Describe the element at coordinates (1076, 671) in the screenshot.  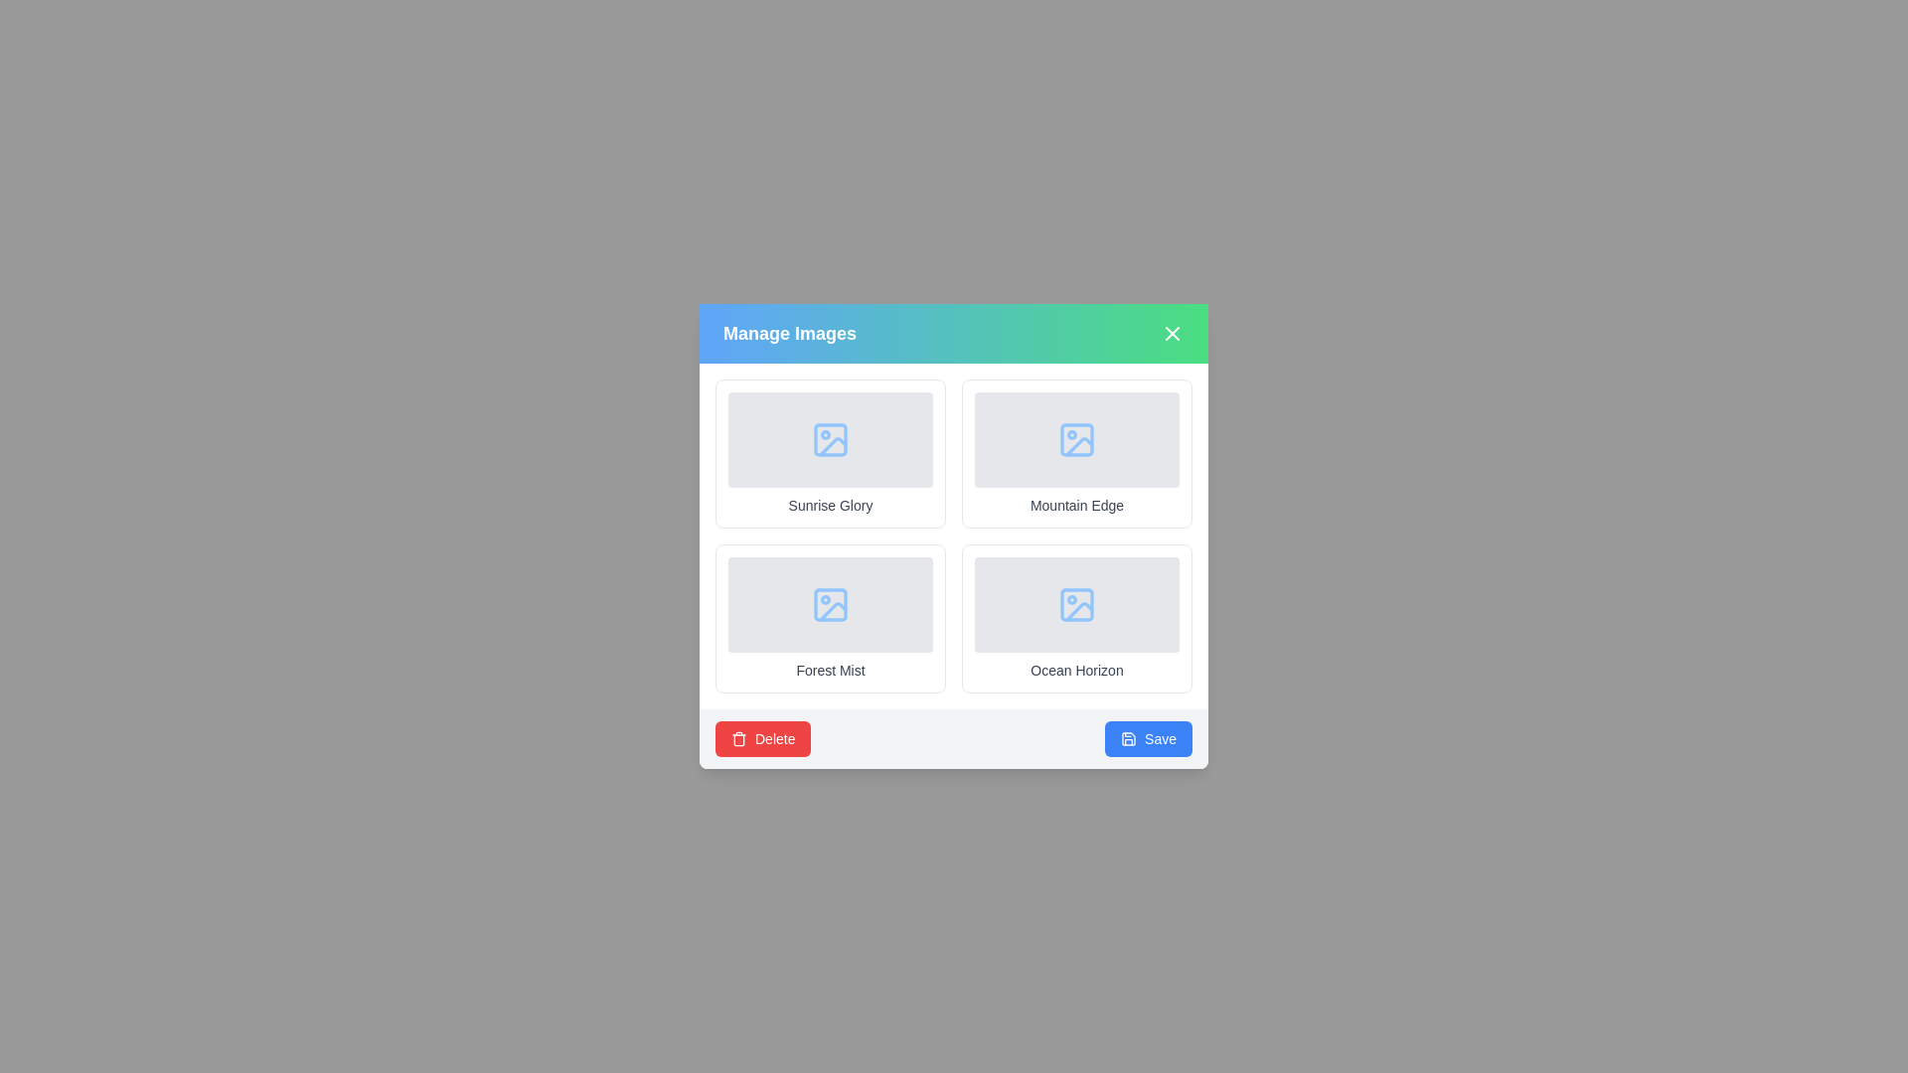
I see `the Text label located below the image placeholder in the bottom-right of a 2x2 grid layout within a modal window` at that location.